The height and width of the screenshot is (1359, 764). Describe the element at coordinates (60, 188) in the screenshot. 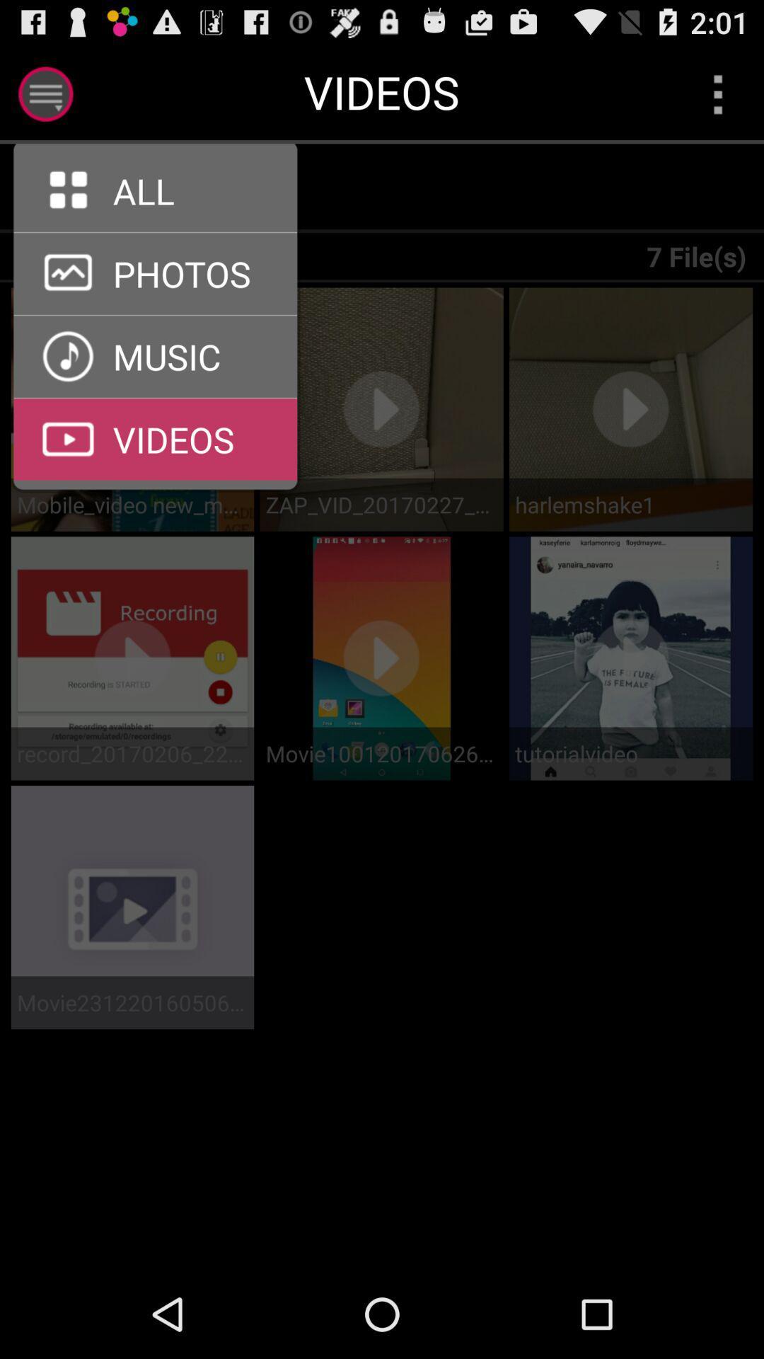

I see `all option` at that location.